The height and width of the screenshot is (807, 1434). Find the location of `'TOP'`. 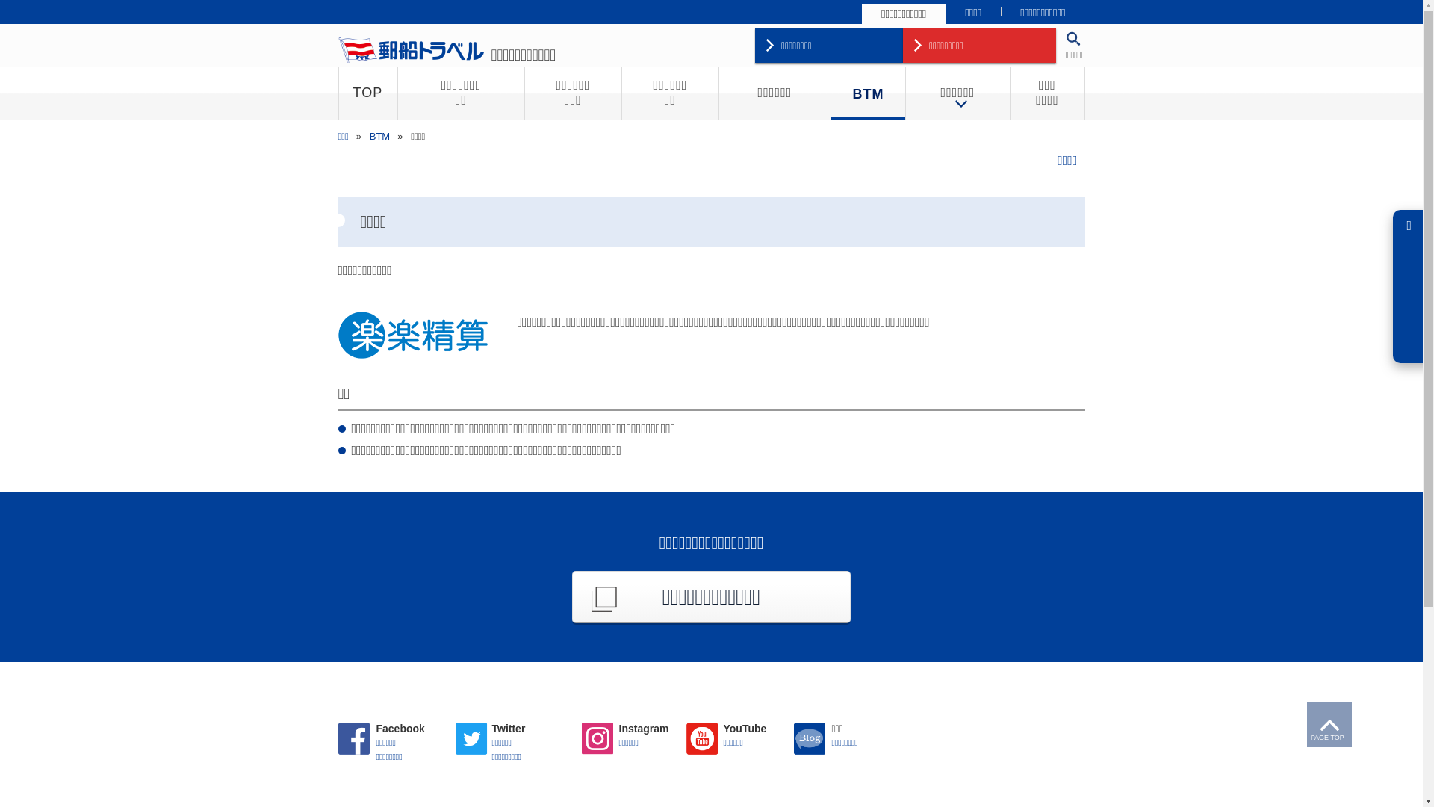

'TOP' is located at coordinates (367, 93).